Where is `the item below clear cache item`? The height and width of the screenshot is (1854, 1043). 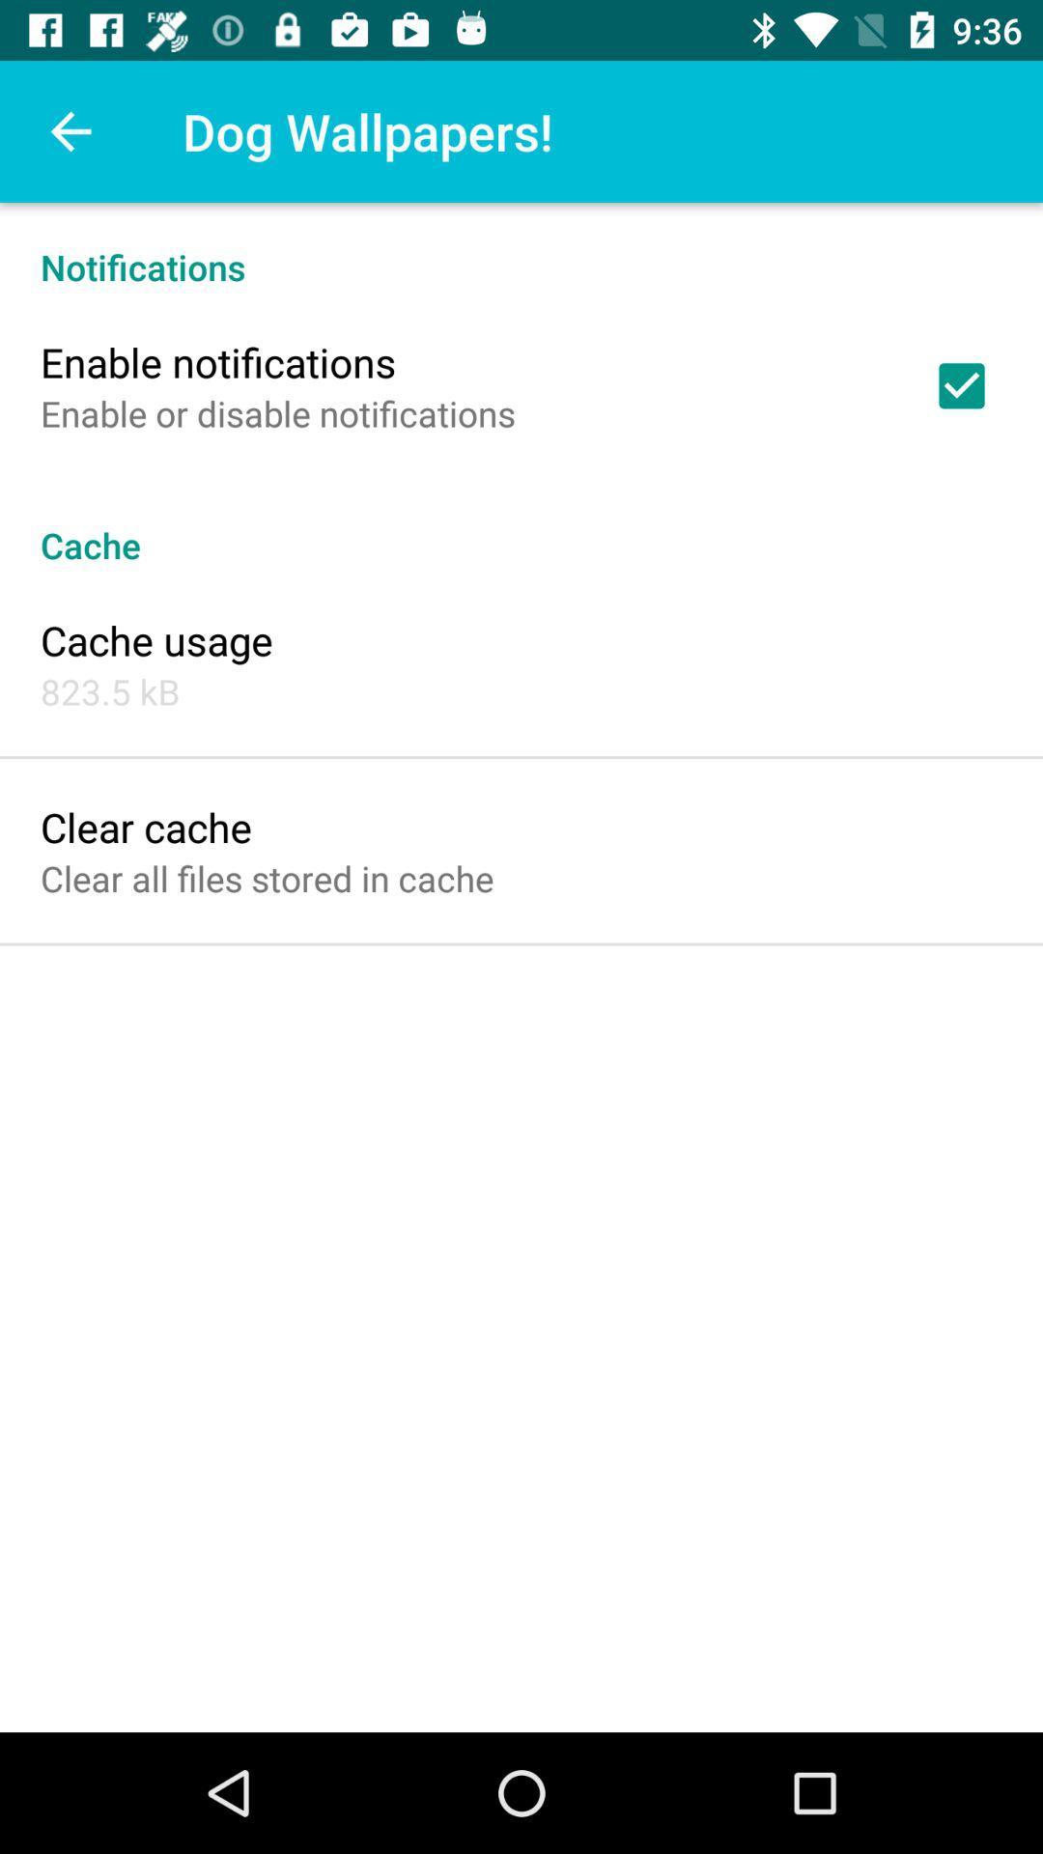
the item below clear cache item is located at coordinates (267, 877).